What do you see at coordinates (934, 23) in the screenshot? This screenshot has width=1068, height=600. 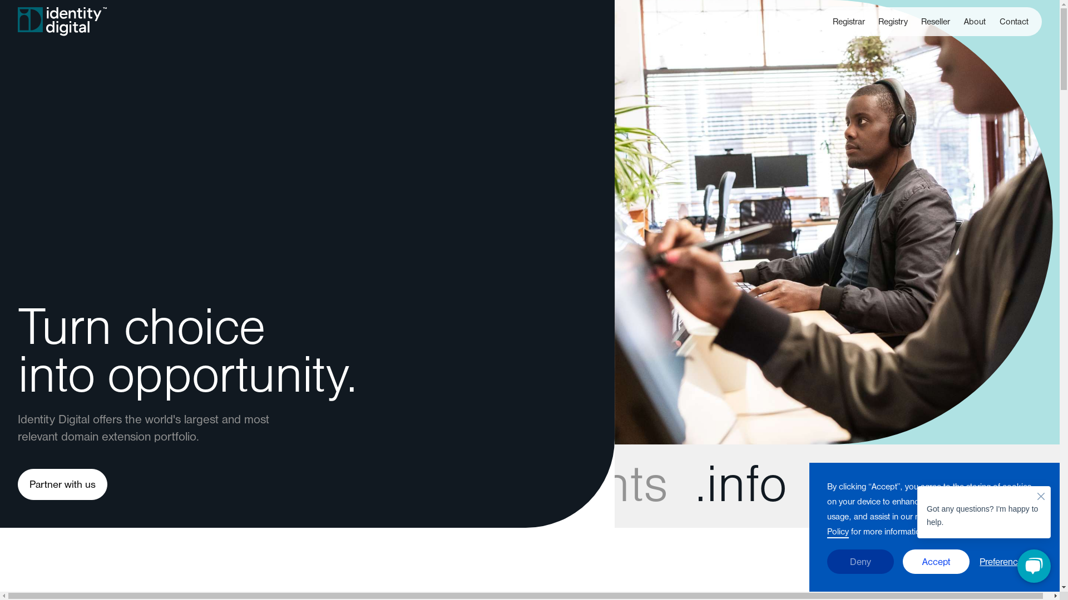 I see `'Reseller'` at bounding box center [934, 23].